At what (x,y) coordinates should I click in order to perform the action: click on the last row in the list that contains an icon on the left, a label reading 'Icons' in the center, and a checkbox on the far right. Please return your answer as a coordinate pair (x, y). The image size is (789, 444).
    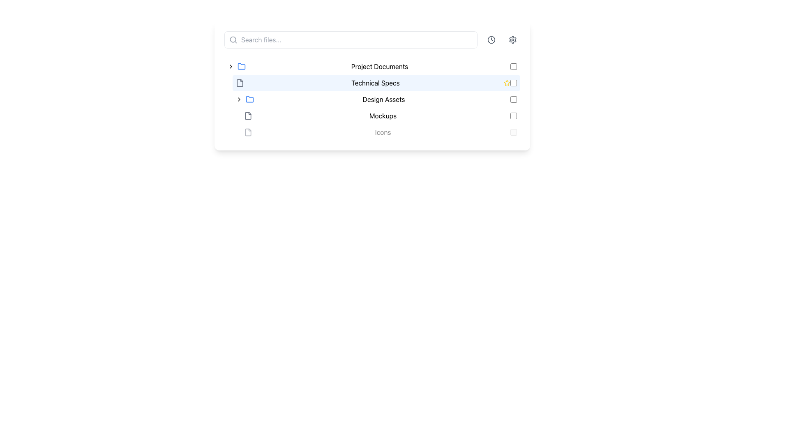
    Looking at the image, I should click on (372, 132).